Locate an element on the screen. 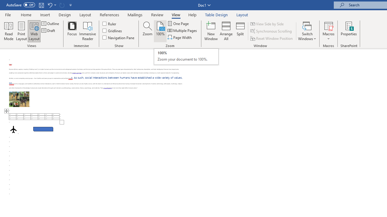  'Navigation Pane' is located at coordinates (119, 37).